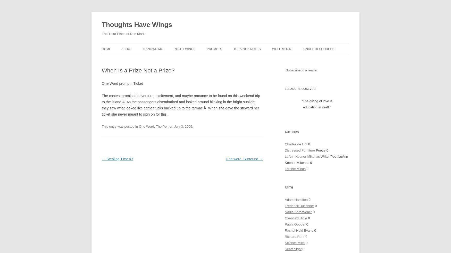 This screenshot has width=451, height=253. I want to click on 'Searchlight', so click(285, 249).